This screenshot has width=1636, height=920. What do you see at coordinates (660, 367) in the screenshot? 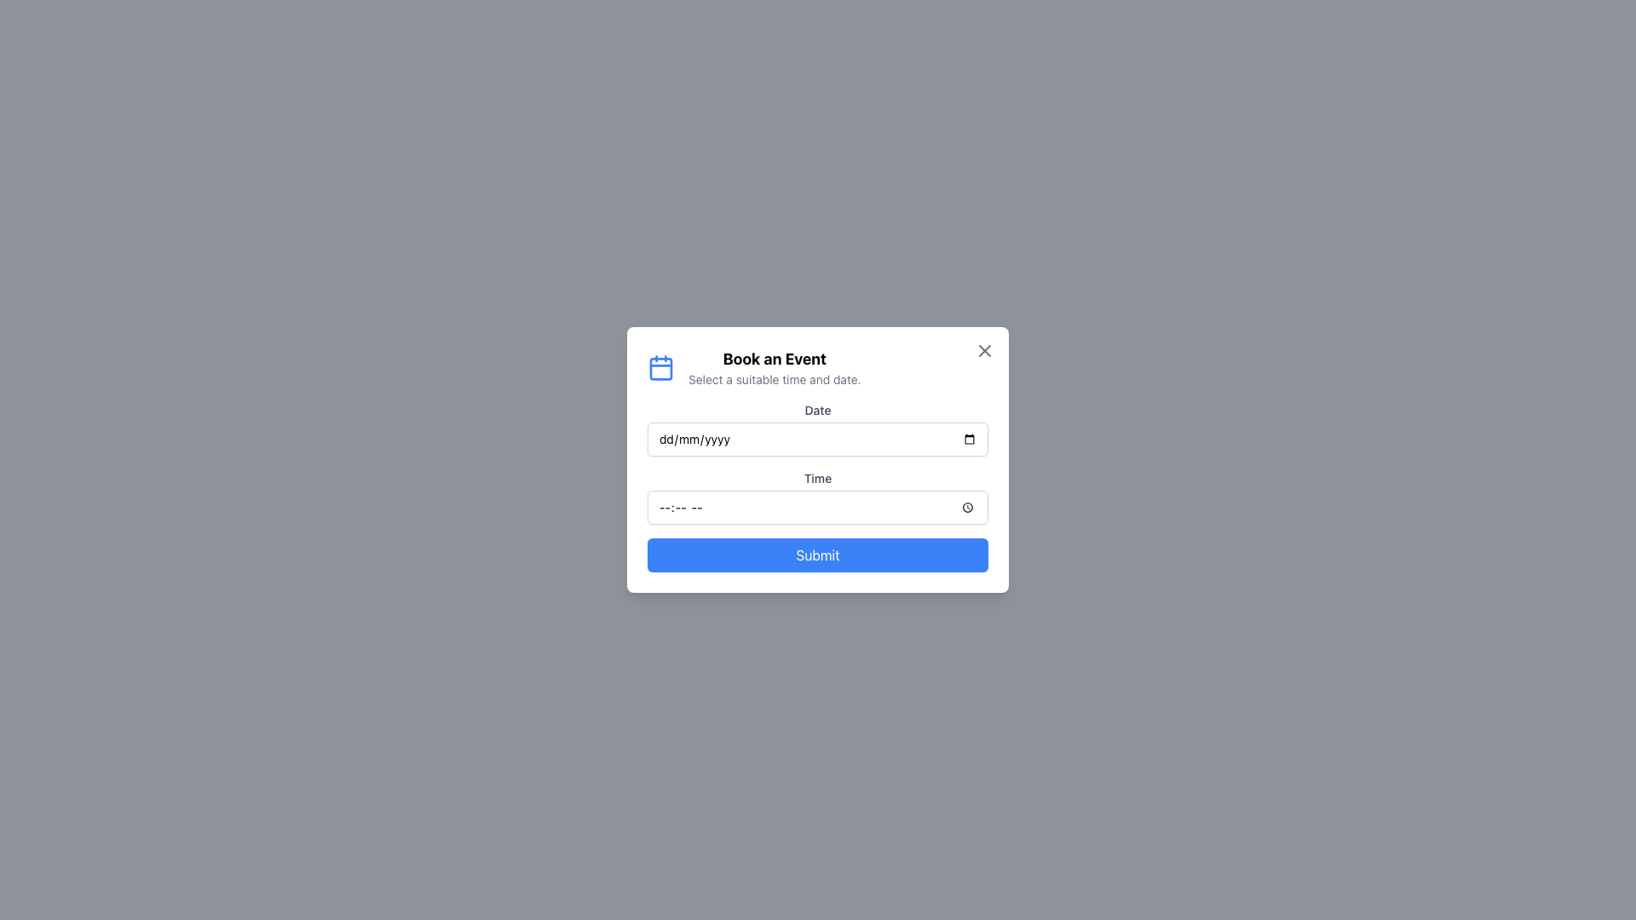
I see `the rounded rectangle element within the blue calendar icon located at the top-left of the 'Book an Event' modal dialog box` at bounding box center [660, 367].